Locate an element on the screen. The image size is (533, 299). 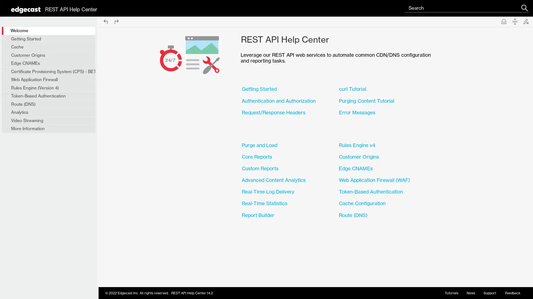
print is located at coordinates (504, 21).